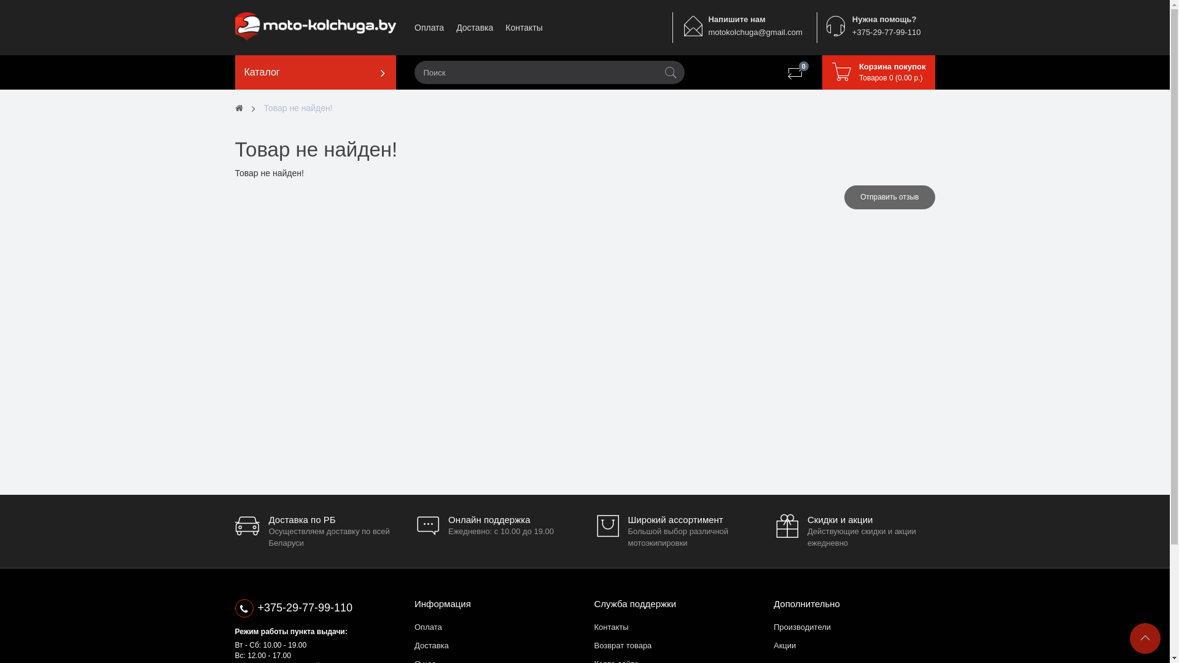 Image resolution: width=1179 pixels, height=663 pixels. What do you see at coordinates (315, 26) in the screenshot?
I see `'moto-kolchuga.by'` at bounding box center [315, 26].